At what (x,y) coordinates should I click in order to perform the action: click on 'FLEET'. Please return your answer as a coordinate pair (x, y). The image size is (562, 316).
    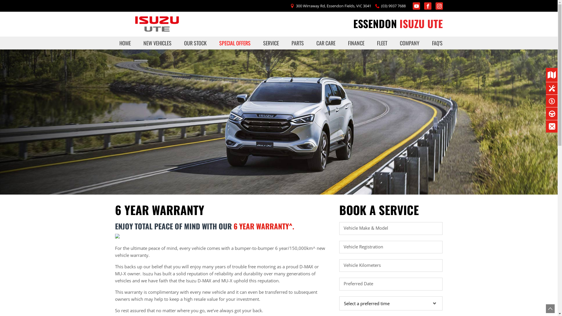
    Looking at the image, I should click on (382, 42).